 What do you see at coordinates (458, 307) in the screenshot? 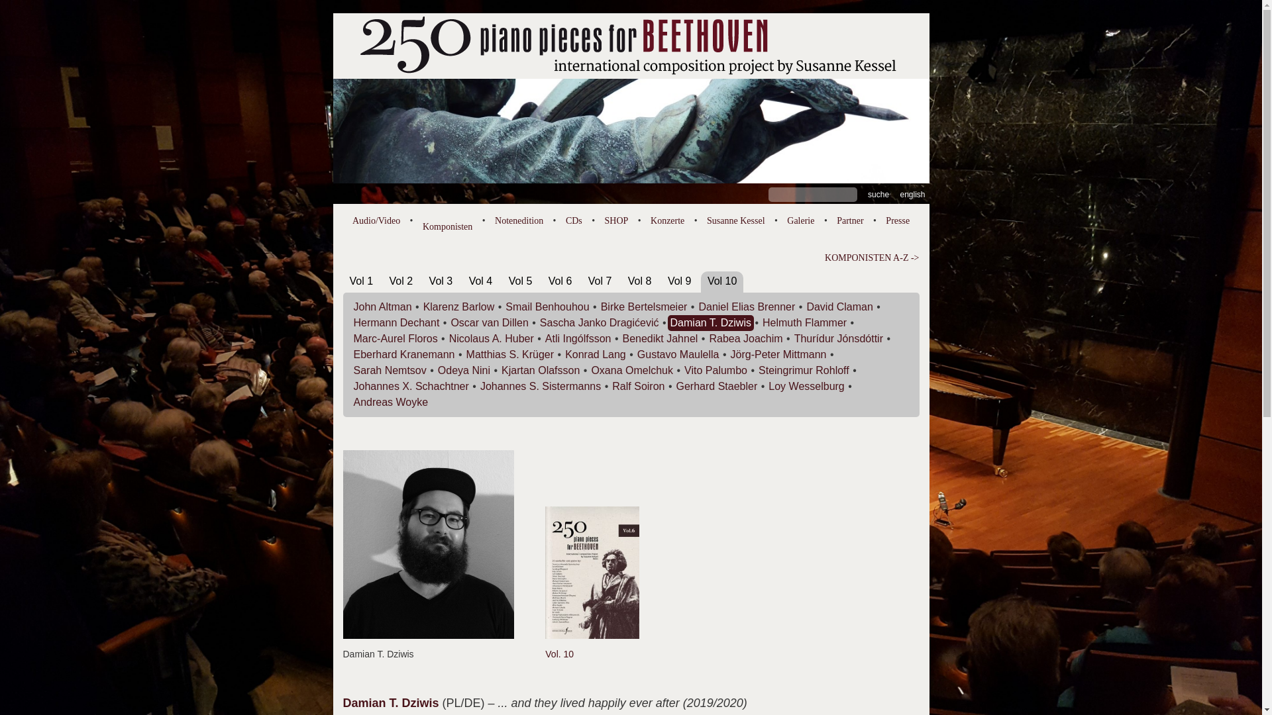
I see `'Klarenz Barlow'` at bounding box center [458, 307].